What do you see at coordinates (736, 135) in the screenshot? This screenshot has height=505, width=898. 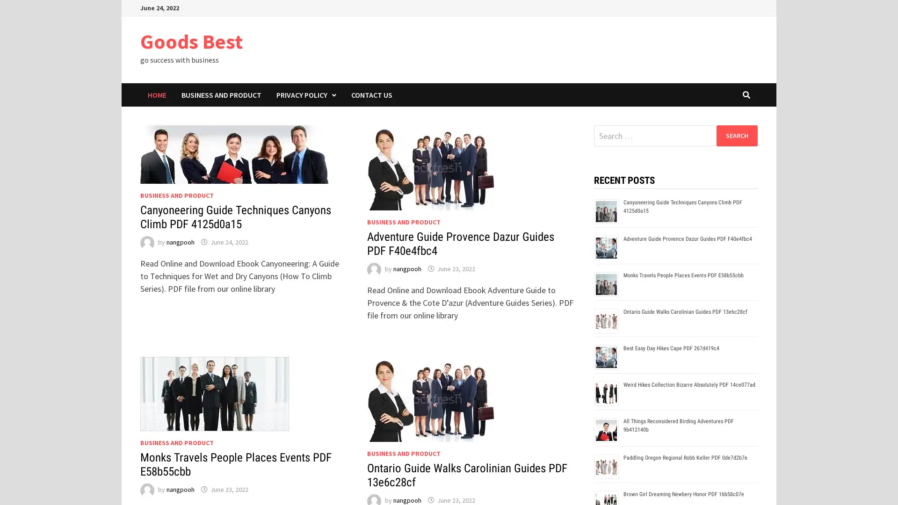 I see `Search` at bounding box center [736, 135].